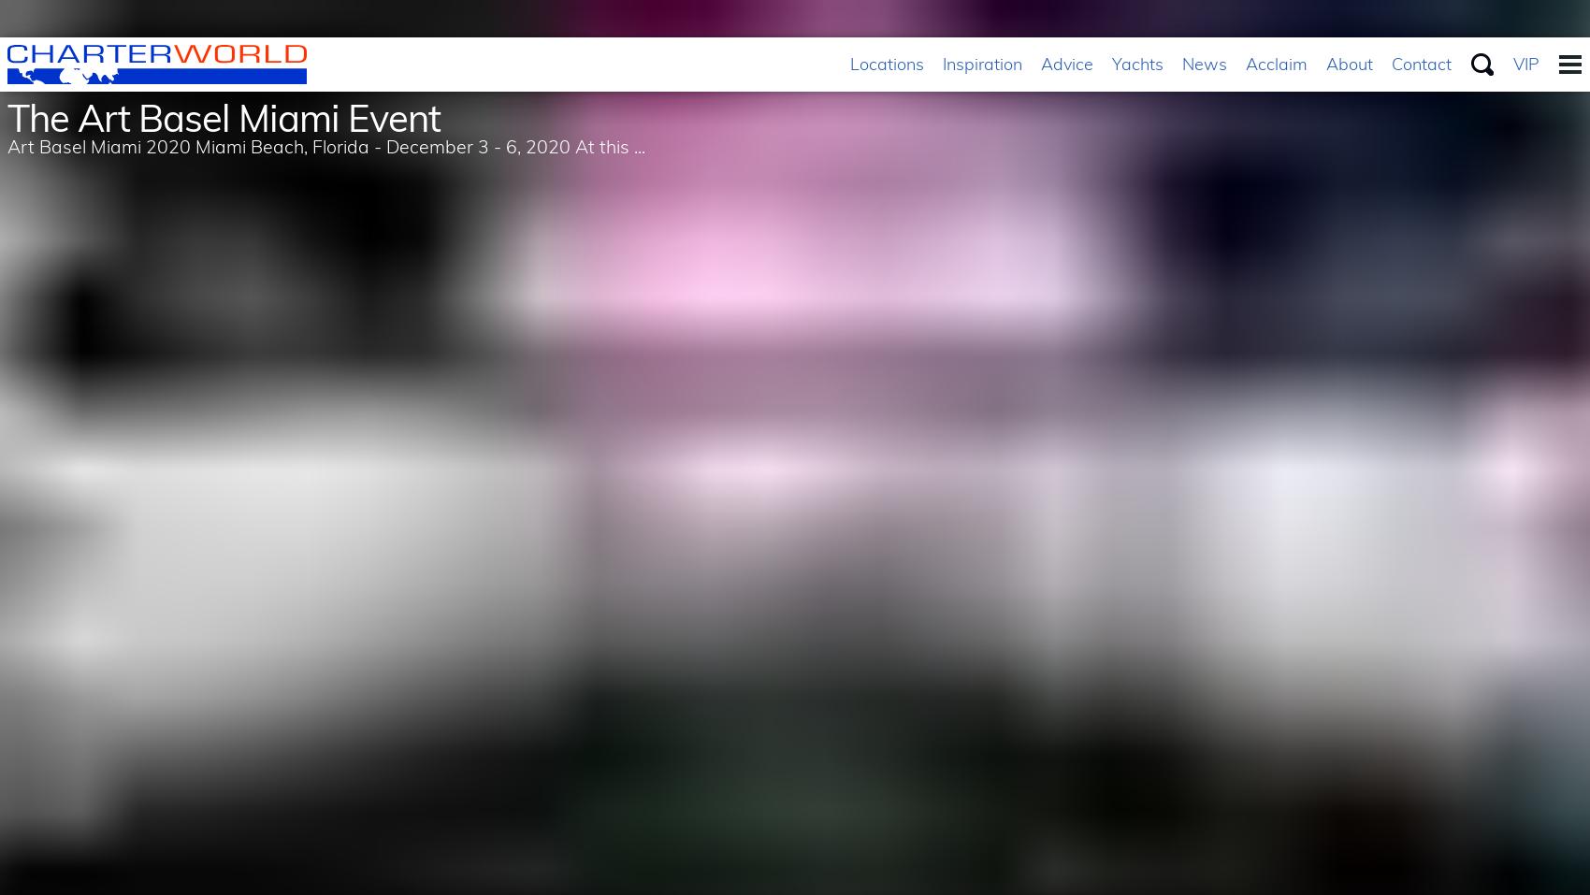 The image size is (1590, 895). Describe the element at coordinates (1136, 63) in the screenshot. I see `'Yachts'` at that location.